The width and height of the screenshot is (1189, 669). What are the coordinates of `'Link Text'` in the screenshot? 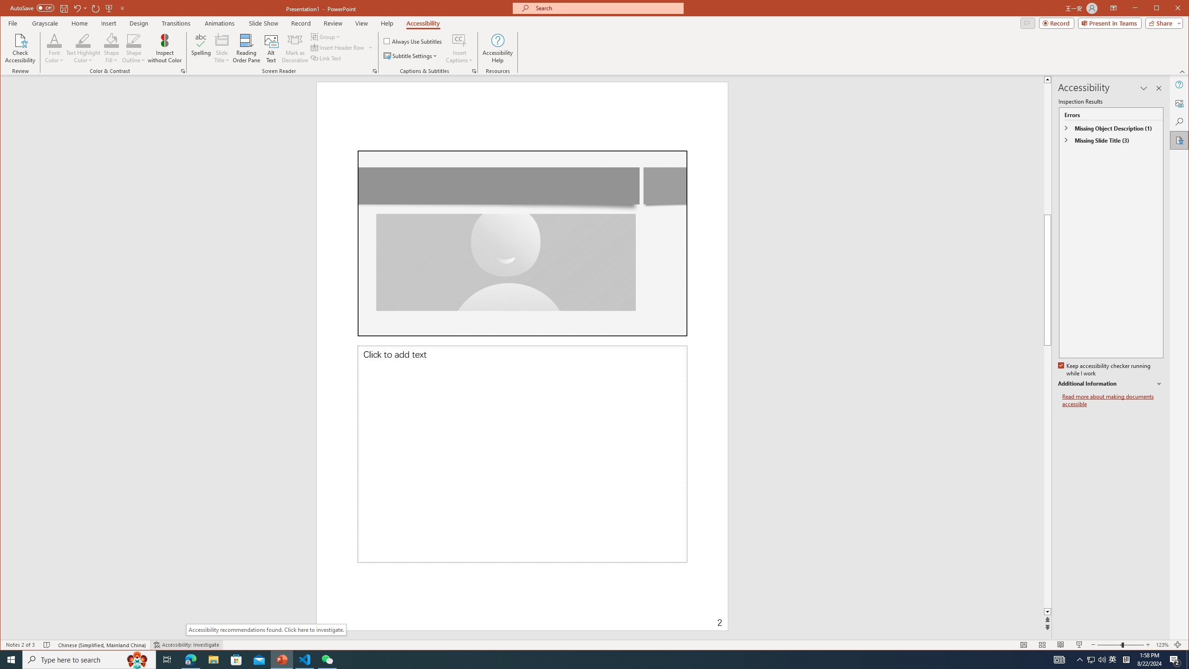 It's located at (326, 58).